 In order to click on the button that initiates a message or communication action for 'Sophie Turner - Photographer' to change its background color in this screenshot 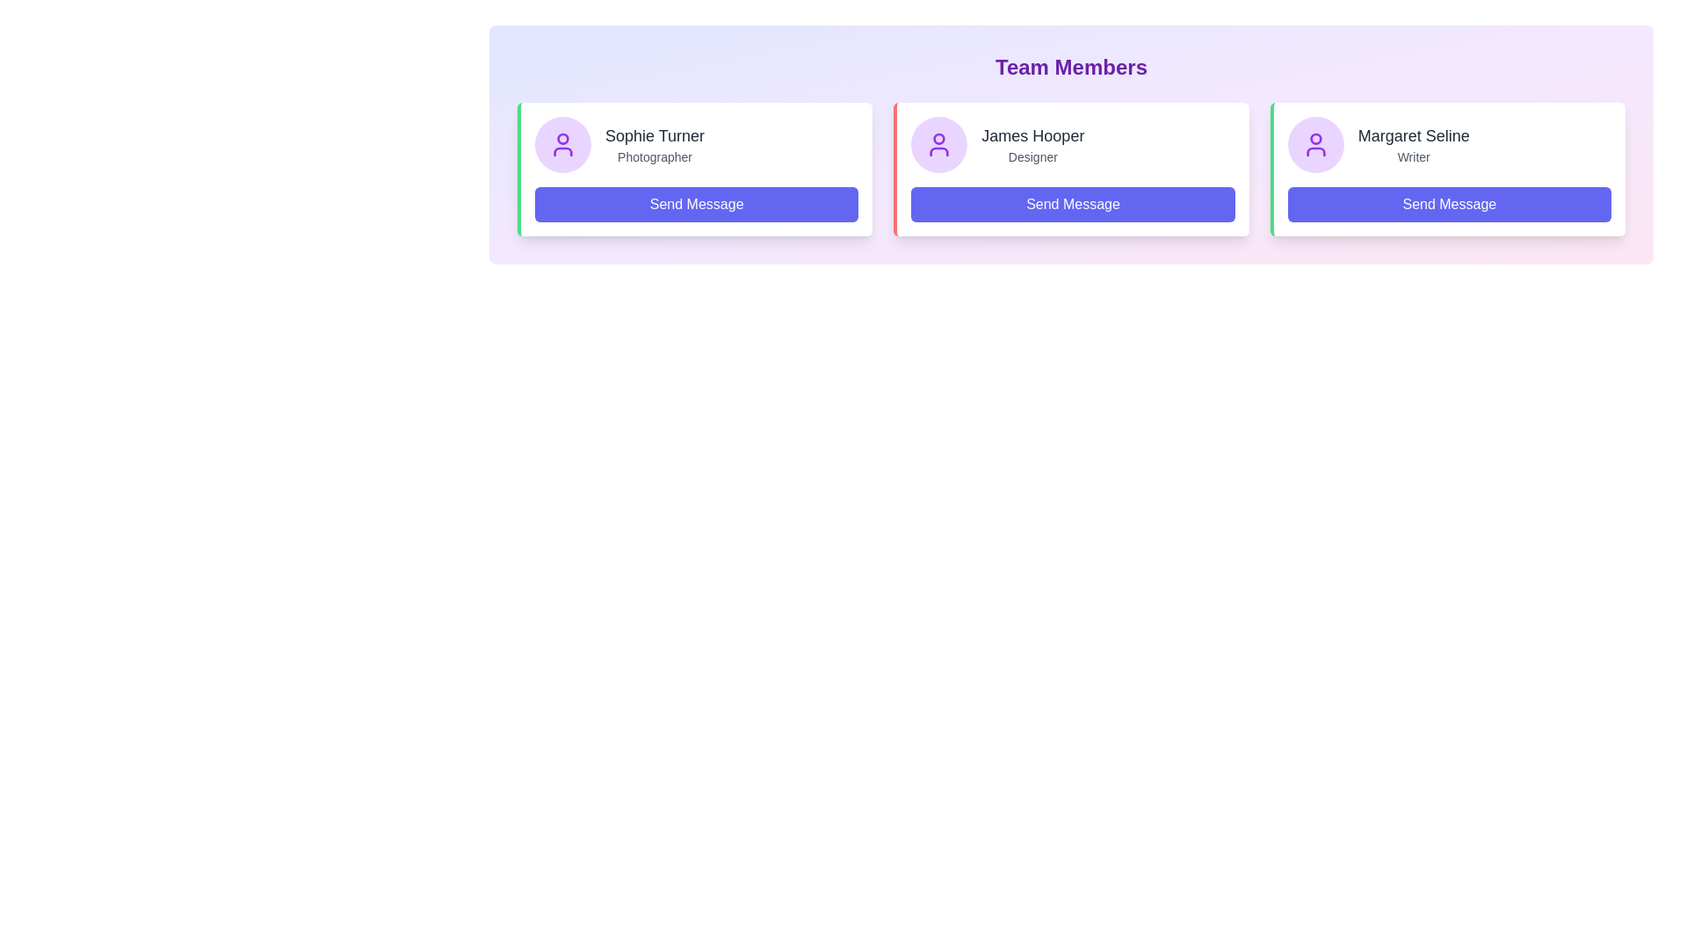, I will do `click(696, 203)`.